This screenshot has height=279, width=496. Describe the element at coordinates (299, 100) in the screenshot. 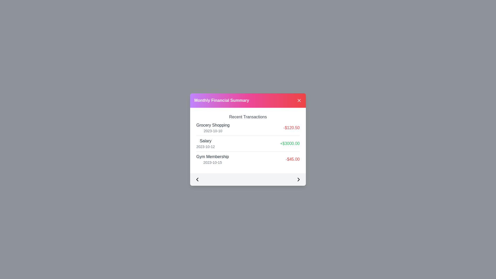

I see `close button in the header to close the dialog` at that location.